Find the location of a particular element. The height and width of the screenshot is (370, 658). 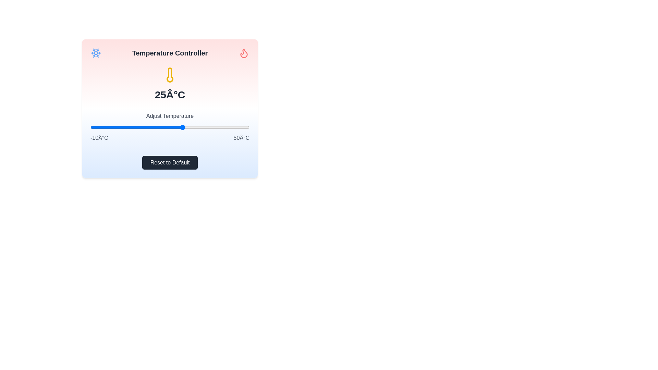

the temperature to 19°C using the slider is located at coordinates (167, 127).